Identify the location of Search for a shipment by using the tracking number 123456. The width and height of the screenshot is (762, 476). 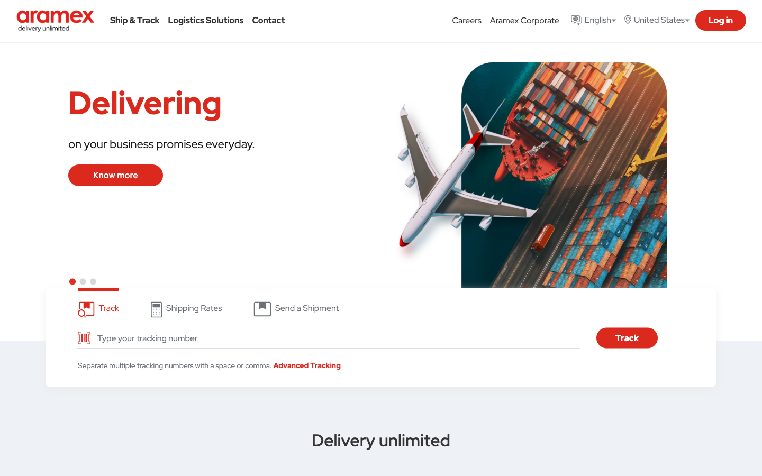
(335, 338).